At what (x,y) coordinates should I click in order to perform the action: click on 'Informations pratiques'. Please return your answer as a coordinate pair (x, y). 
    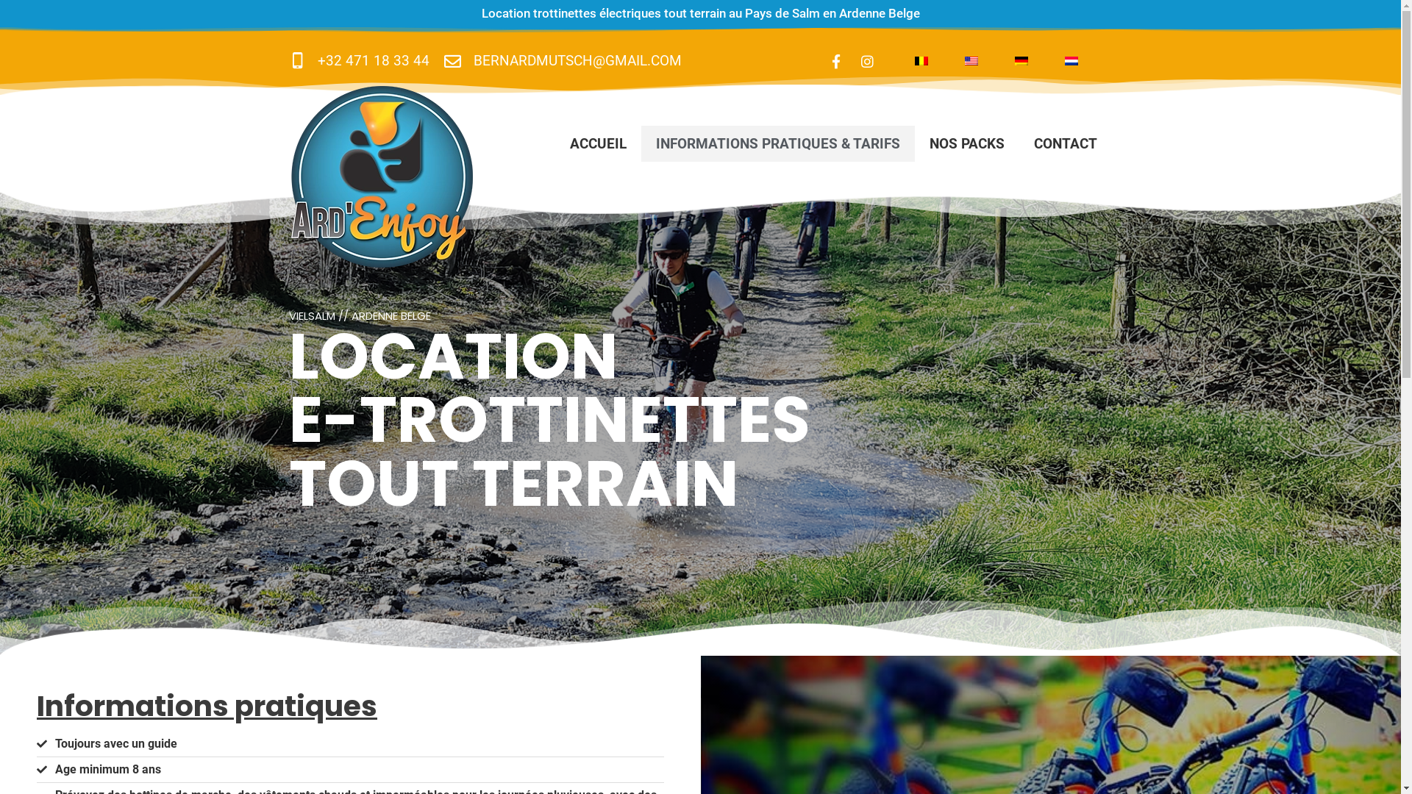
    Looking at the image, I should click on (206, 705).